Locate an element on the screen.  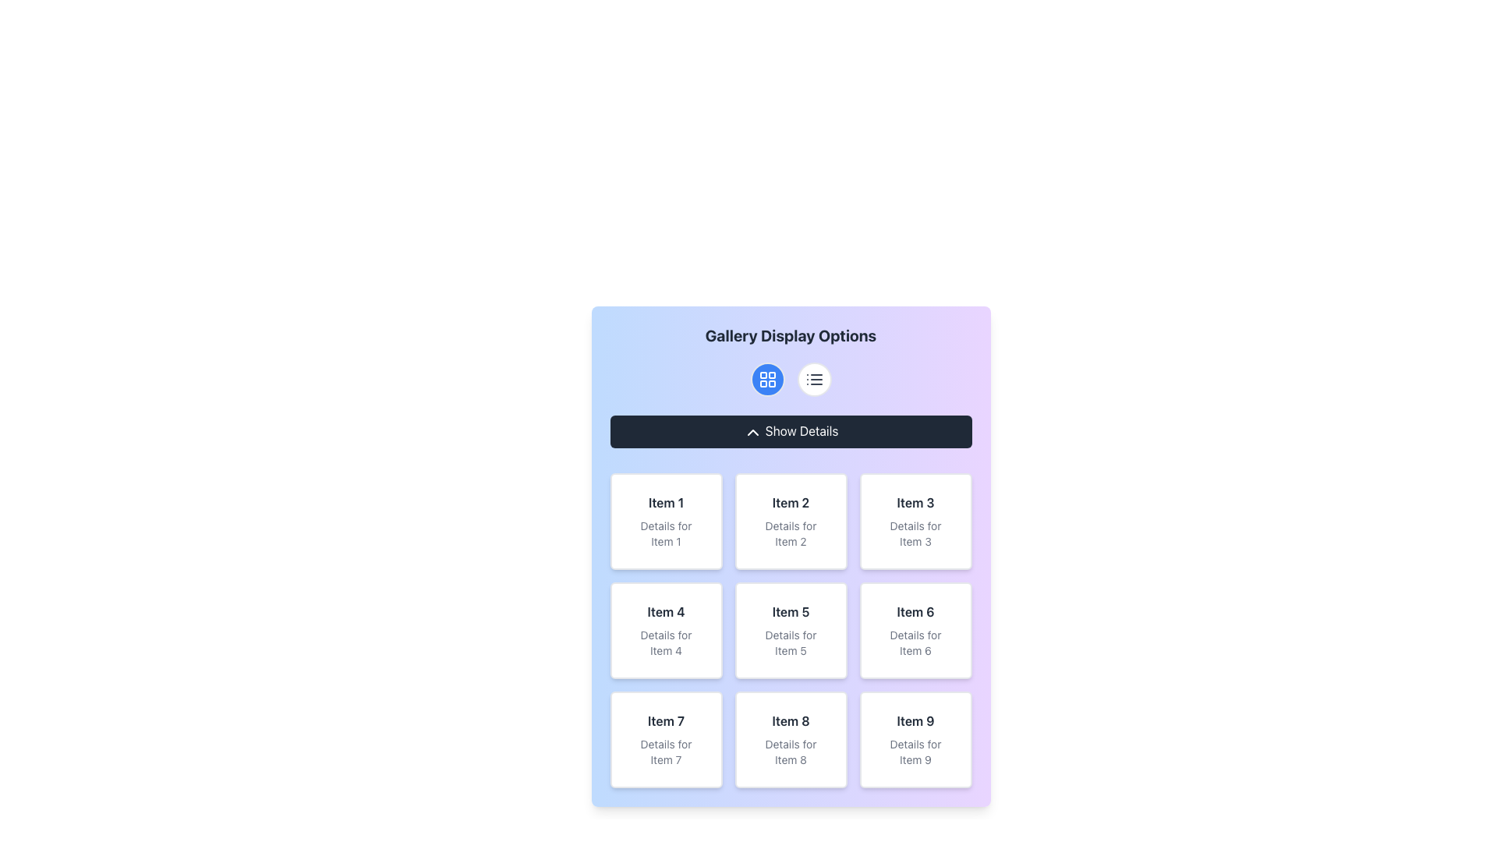
text component displaying 'Details for Item 3' which is located directly below the heading 'Item 3' in the third card of the third column in a 3x3 grid is located at coordinates (915, 532).